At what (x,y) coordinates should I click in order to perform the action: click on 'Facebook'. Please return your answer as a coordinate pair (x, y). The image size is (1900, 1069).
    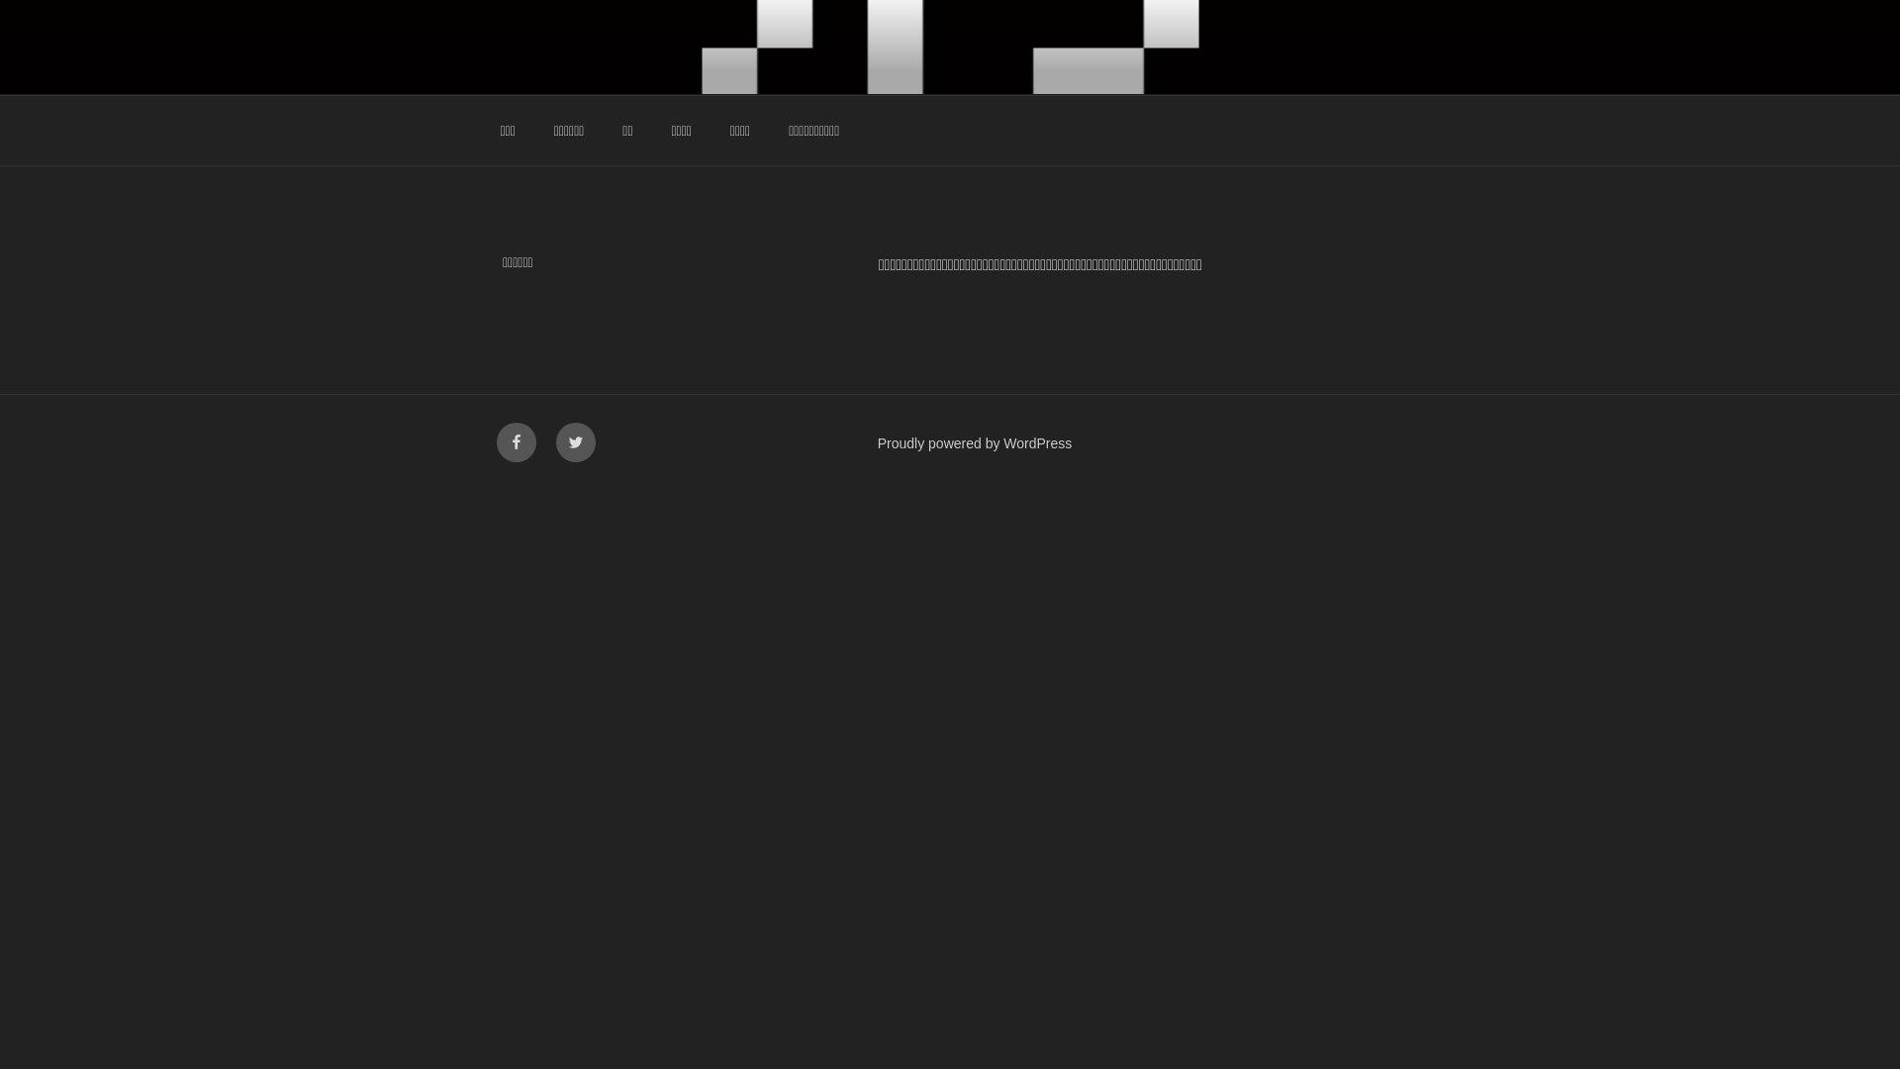
    Looking at the image, I should click on (517, 441).